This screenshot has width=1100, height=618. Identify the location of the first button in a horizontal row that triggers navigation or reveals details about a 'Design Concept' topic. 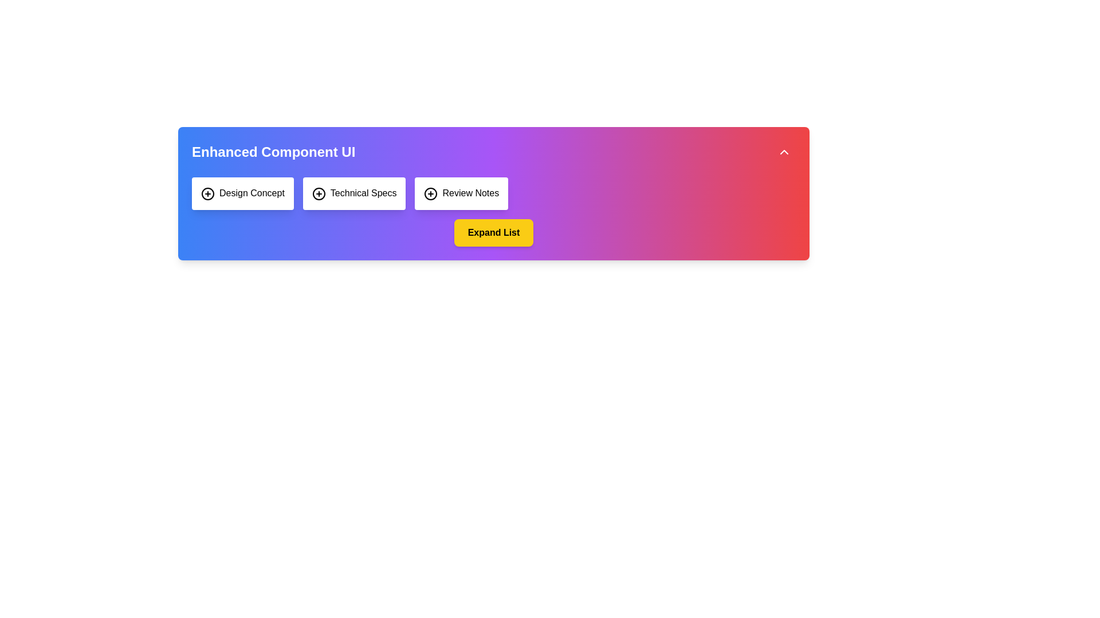
(242, 193).